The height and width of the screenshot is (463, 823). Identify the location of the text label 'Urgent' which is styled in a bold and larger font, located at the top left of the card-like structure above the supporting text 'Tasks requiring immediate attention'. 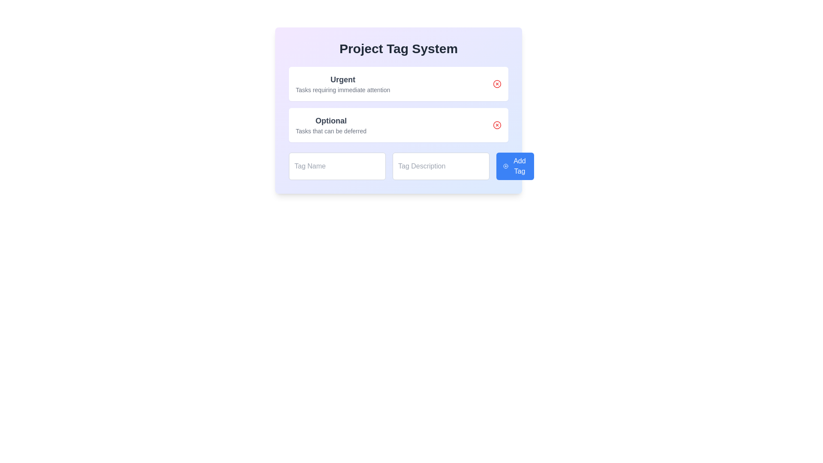
(343, 79).